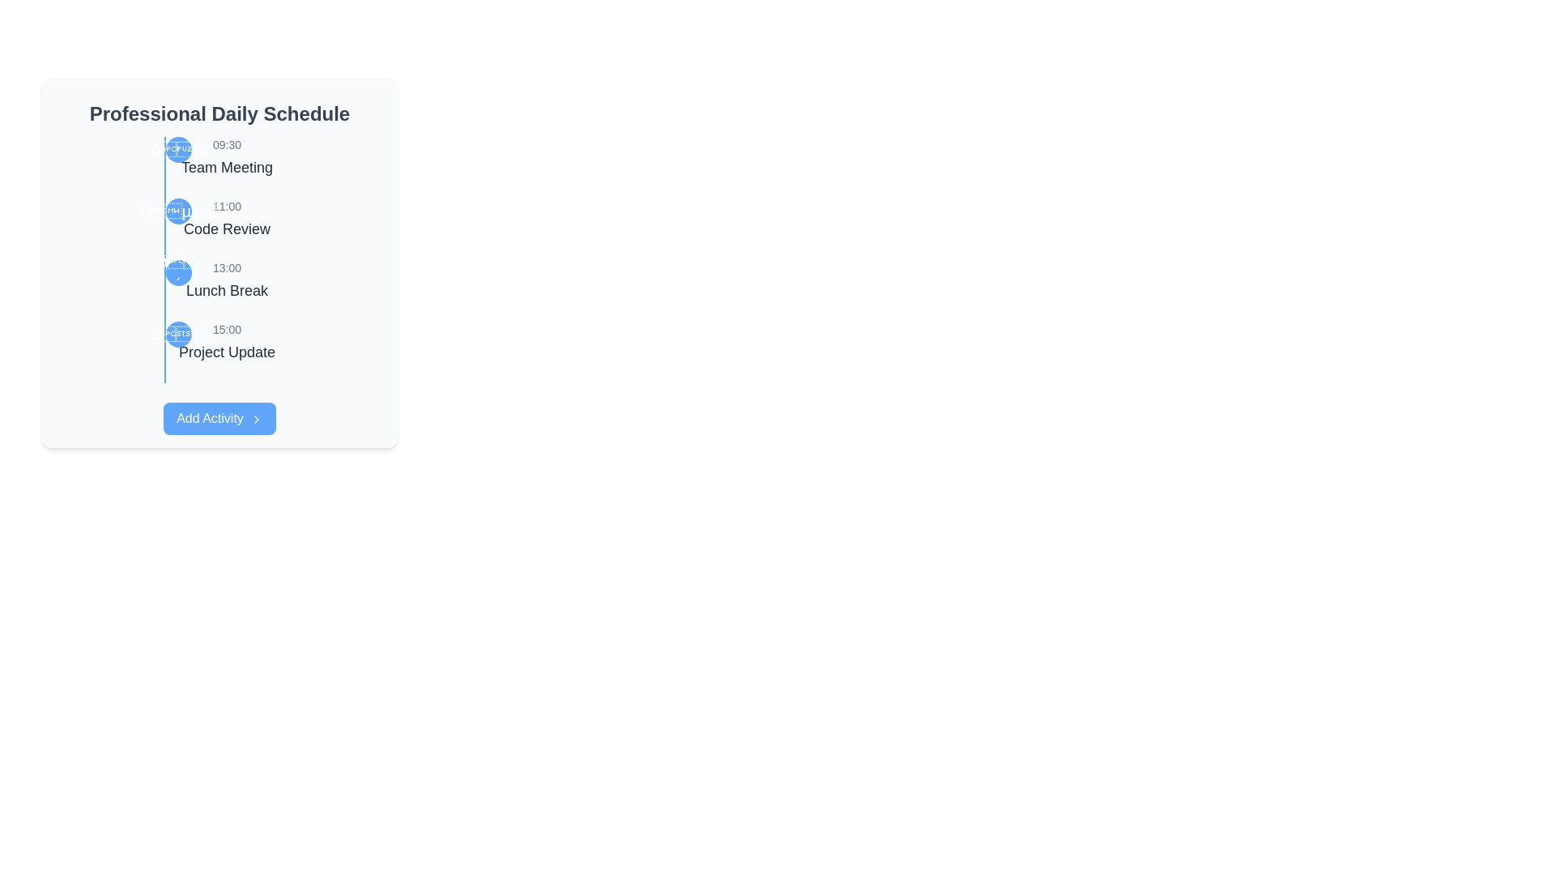 This screenshot has width=1555, height=875. I want to click on the text label displaying '15:00' which is positioned as the time indicator for the 'Project Update' entry in the timeline-like list, so click(226, 329).